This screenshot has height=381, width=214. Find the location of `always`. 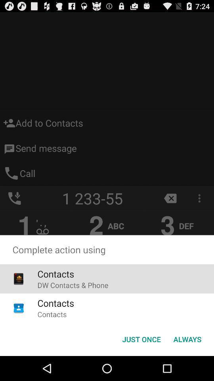

always is located at coordinates (187, 339).